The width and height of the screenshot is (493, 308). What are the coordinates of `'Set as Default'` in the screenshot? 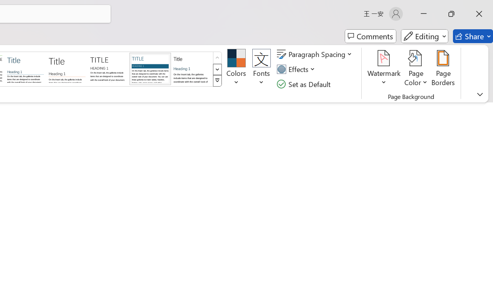 It's located at (304, 84).